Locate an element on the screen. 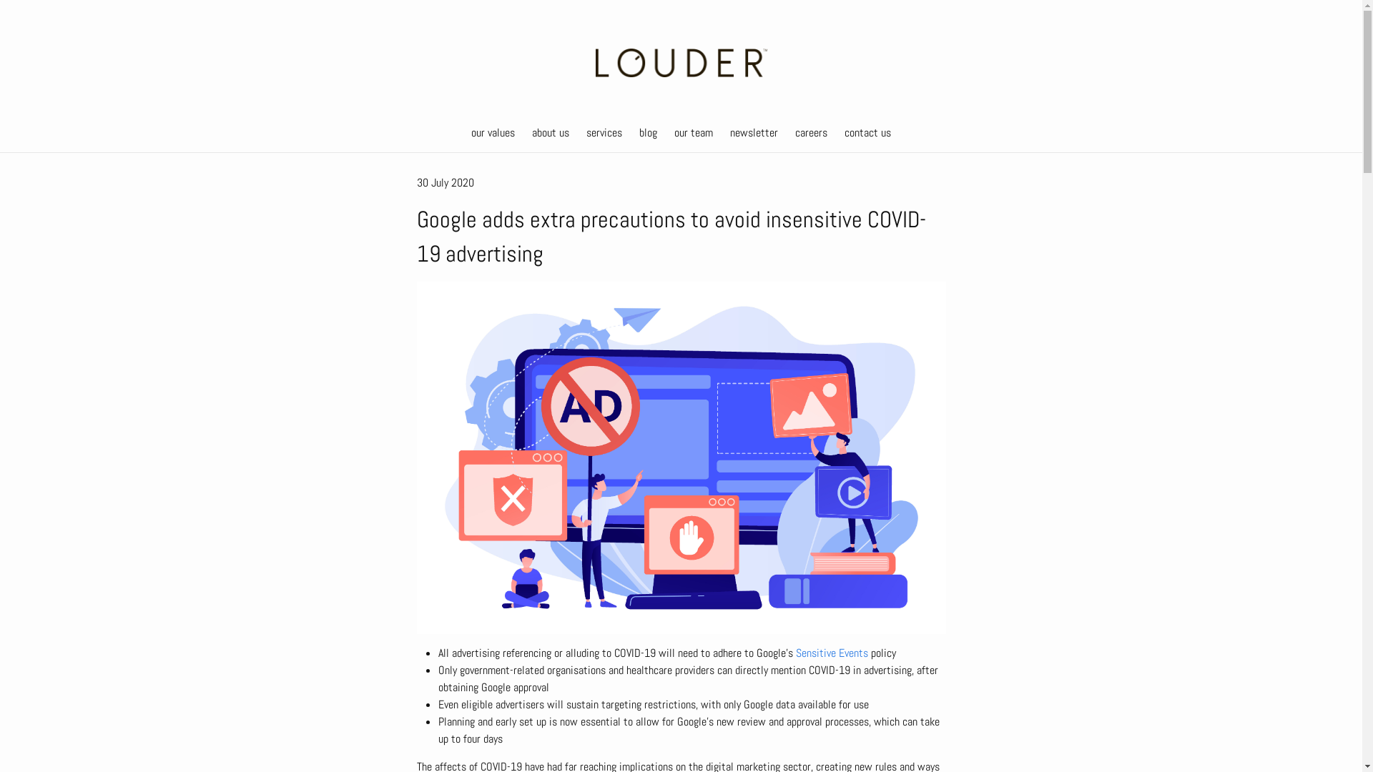 The height and width of the screenshot is (772, 1373). 'our values' is located at coordinates (493, 132).